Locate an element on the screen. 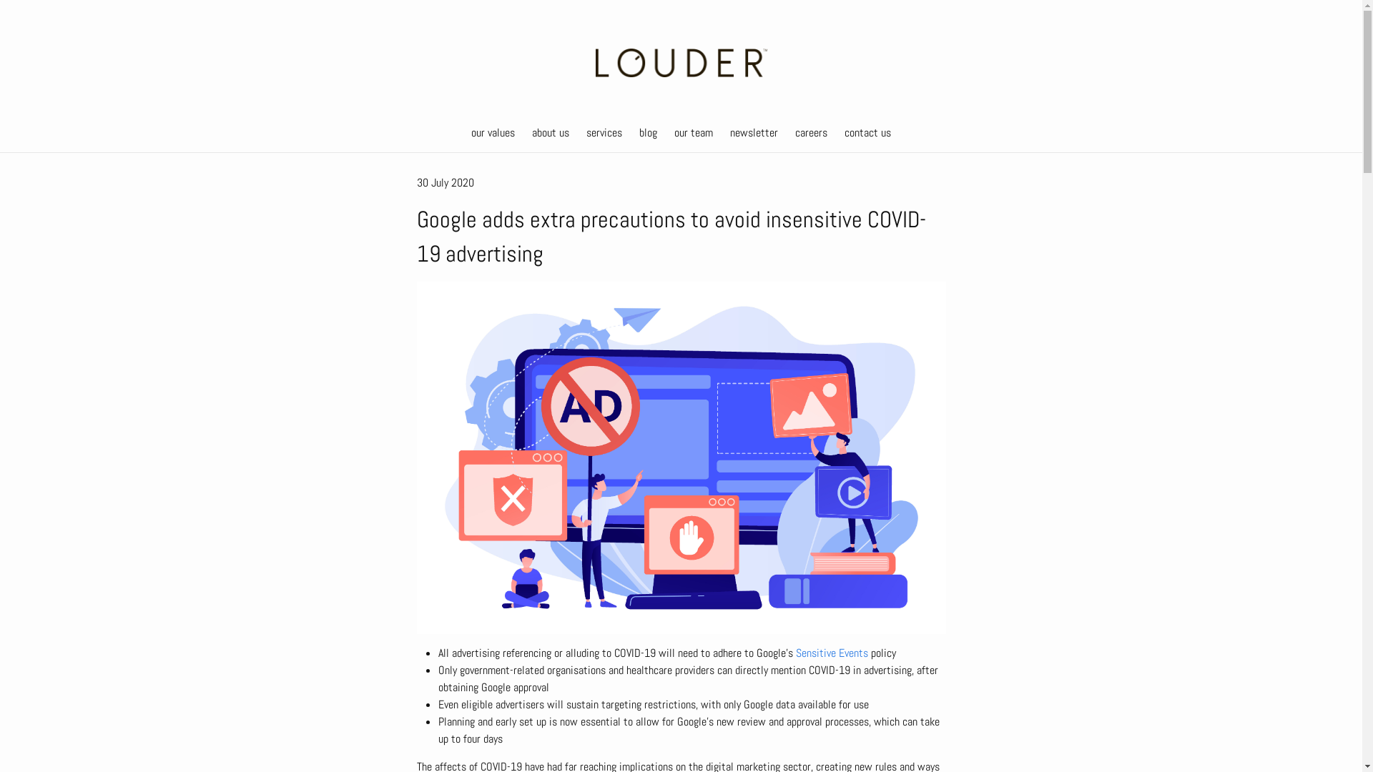 The height and width of the screenshot is (772, 1373). 'our values' is located at coordinates (493, 132).